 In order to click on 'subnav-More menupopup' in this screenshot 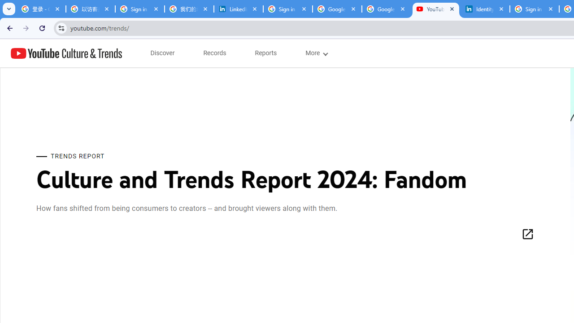, I will do `click(316, 53)`.